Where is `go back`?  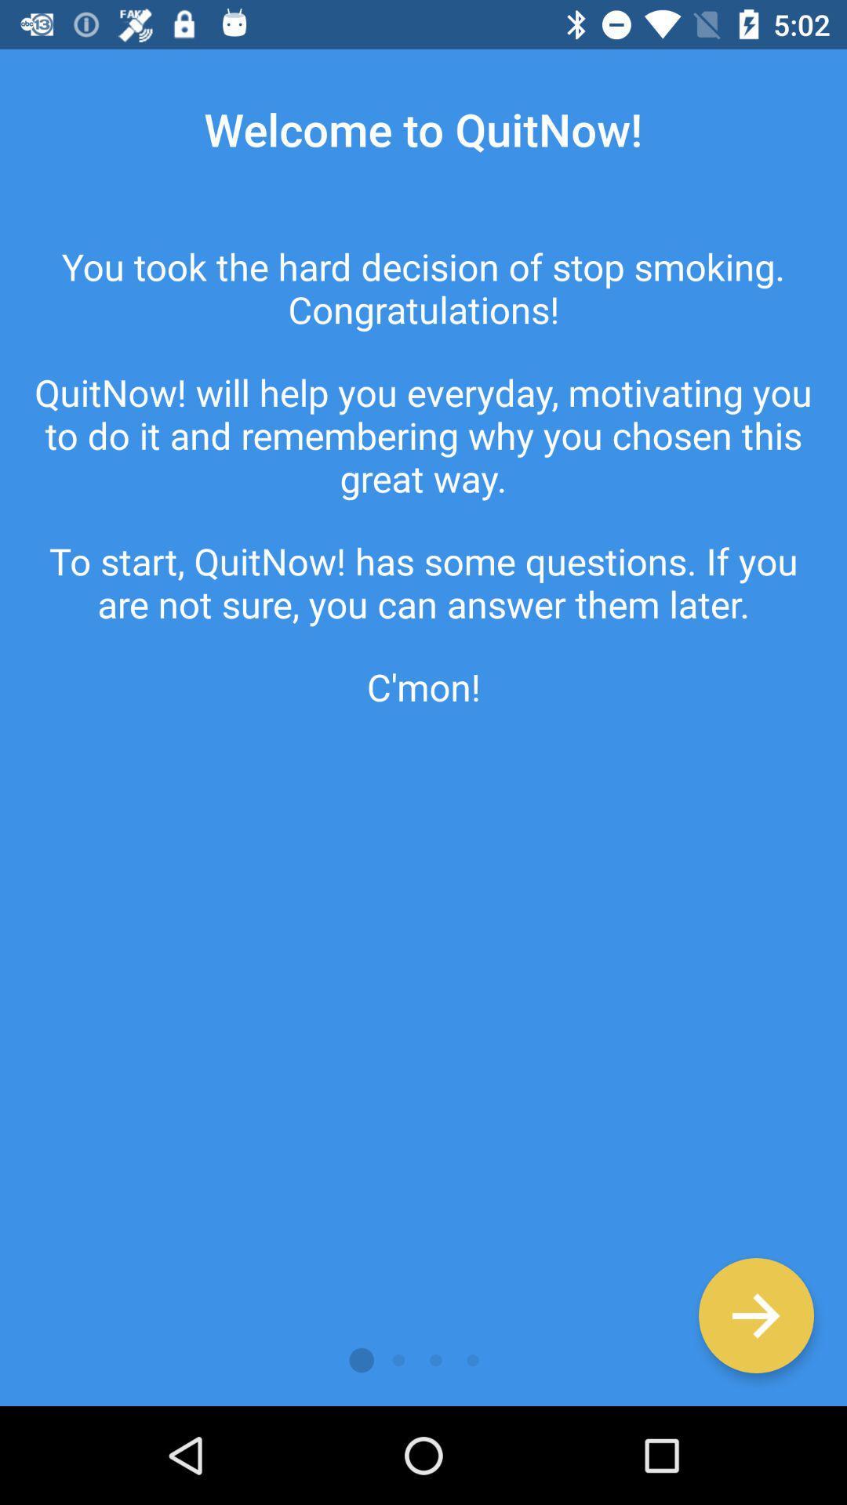
go back is located at coordinates (755, 1315).